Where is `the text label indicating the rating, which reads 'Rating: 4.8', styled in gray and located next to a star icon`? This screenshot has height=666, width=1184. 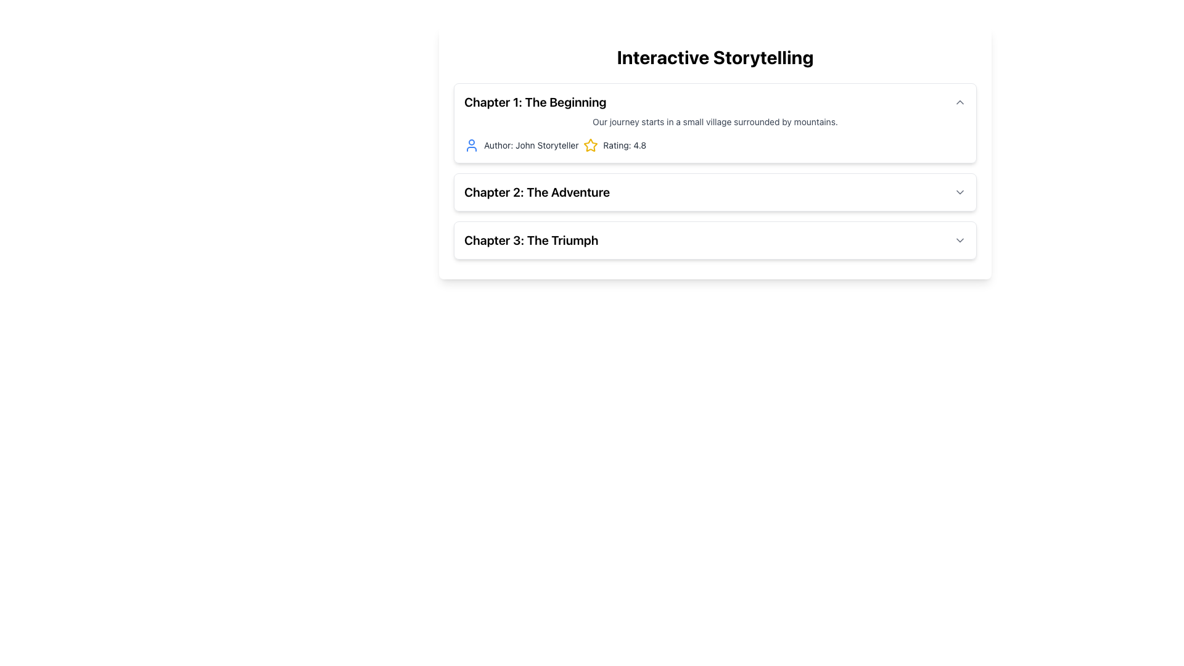
the text label indicating the rating, which reads 'Rating: 4.8', styled in gray and located next to a star icon is located at coordinates (625, 144).